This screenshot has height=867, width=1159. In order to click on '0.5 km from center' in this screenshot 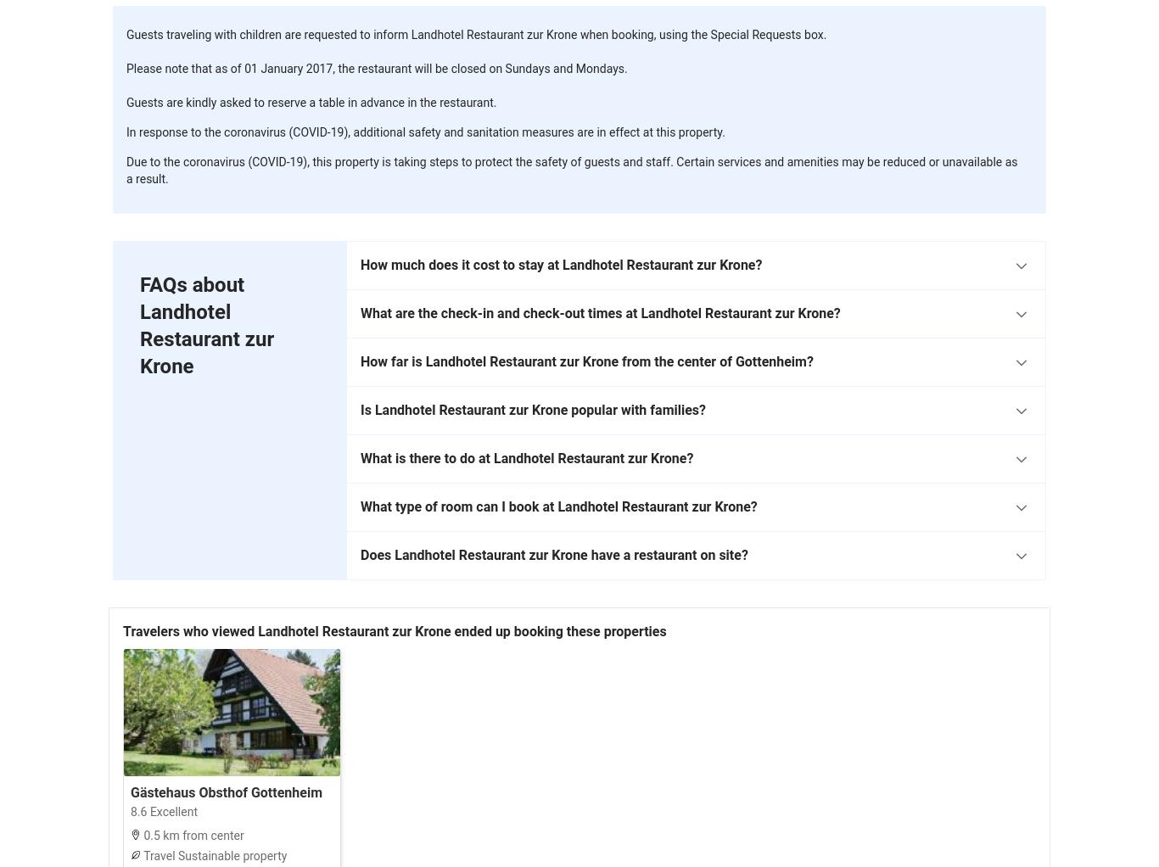, I will do `click(191, 835)`.